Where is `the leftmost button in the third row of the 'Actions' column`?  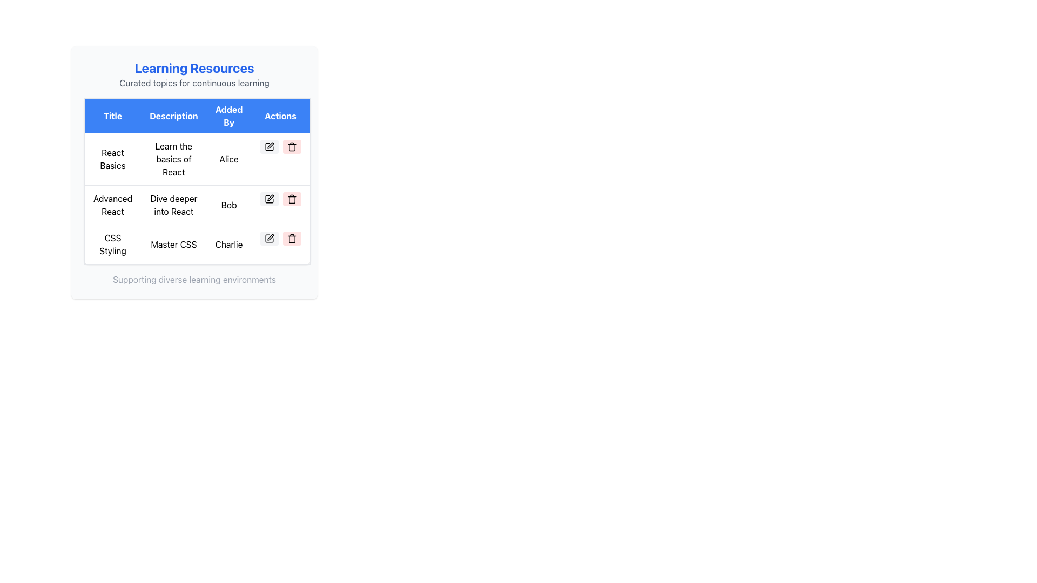 the leftmost button in the third row of the 'Actions' column is located at coordinates (269, 238).